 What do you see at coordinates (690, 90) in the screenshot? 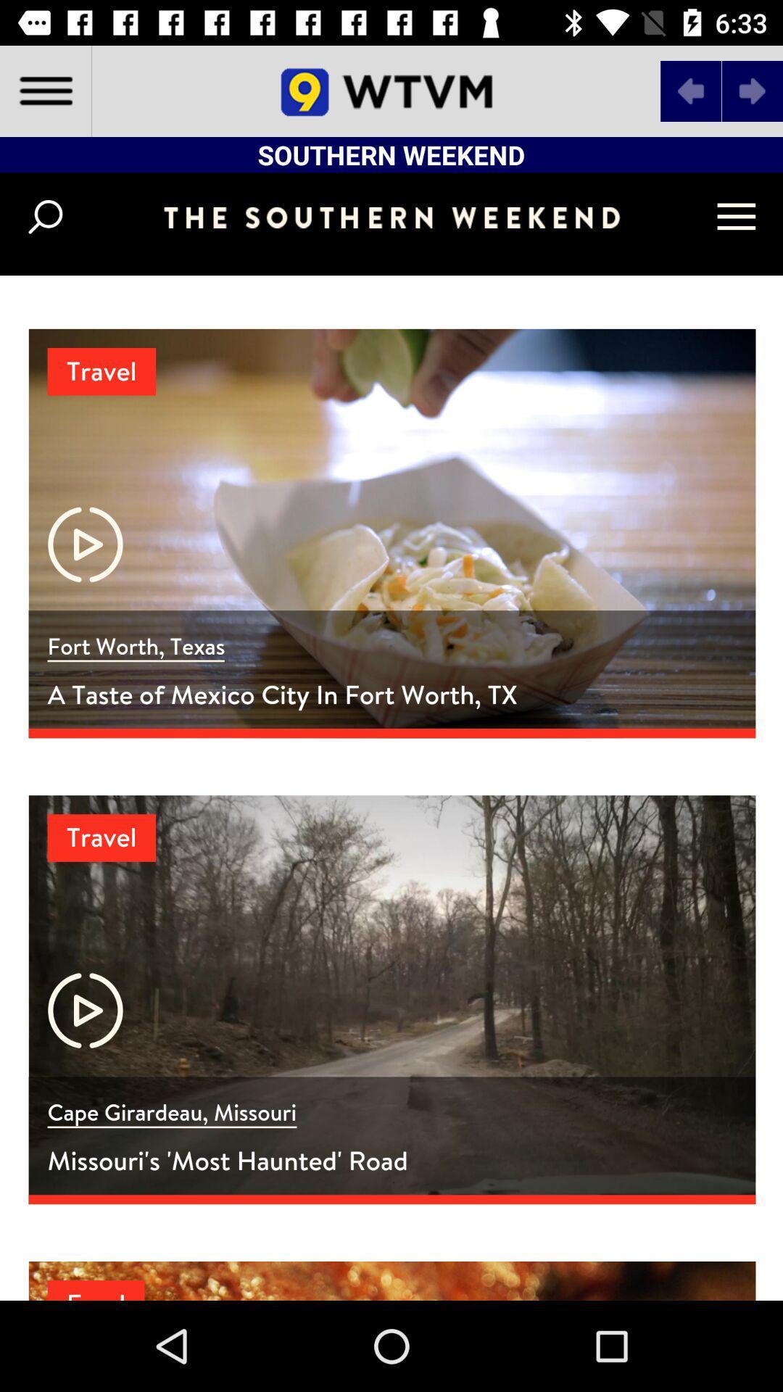
I see `the arrow_backward icon` at bounding box center [690, 90].